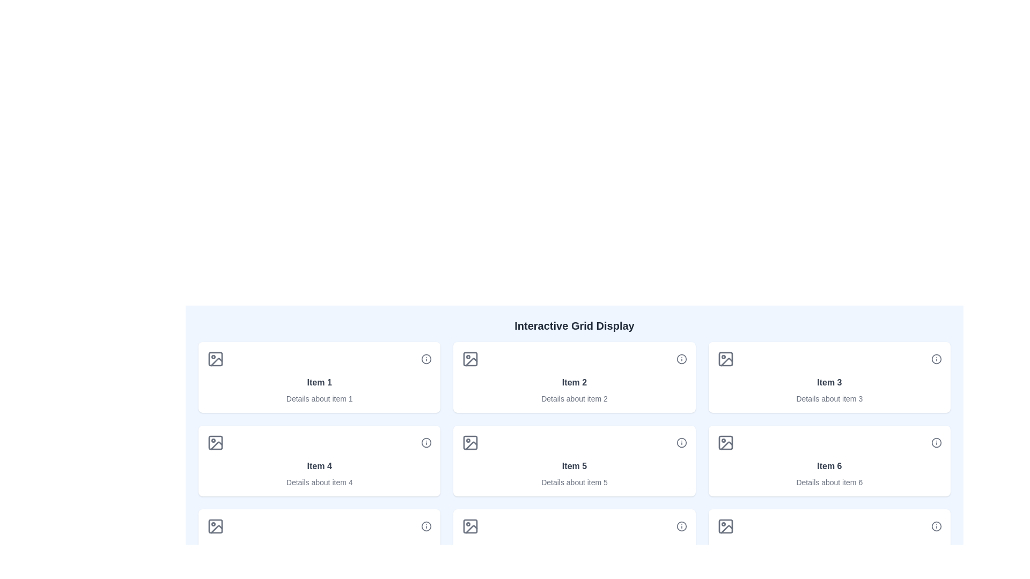  Describe the element at coordinates (215, 359) in the screenshot. I see `the small image icon located in the top-left corner of the interface's grid layout, specifically within the first card labeled 'Item 1', which resembles an image placeholder and is styled in a gray tone` at that location.